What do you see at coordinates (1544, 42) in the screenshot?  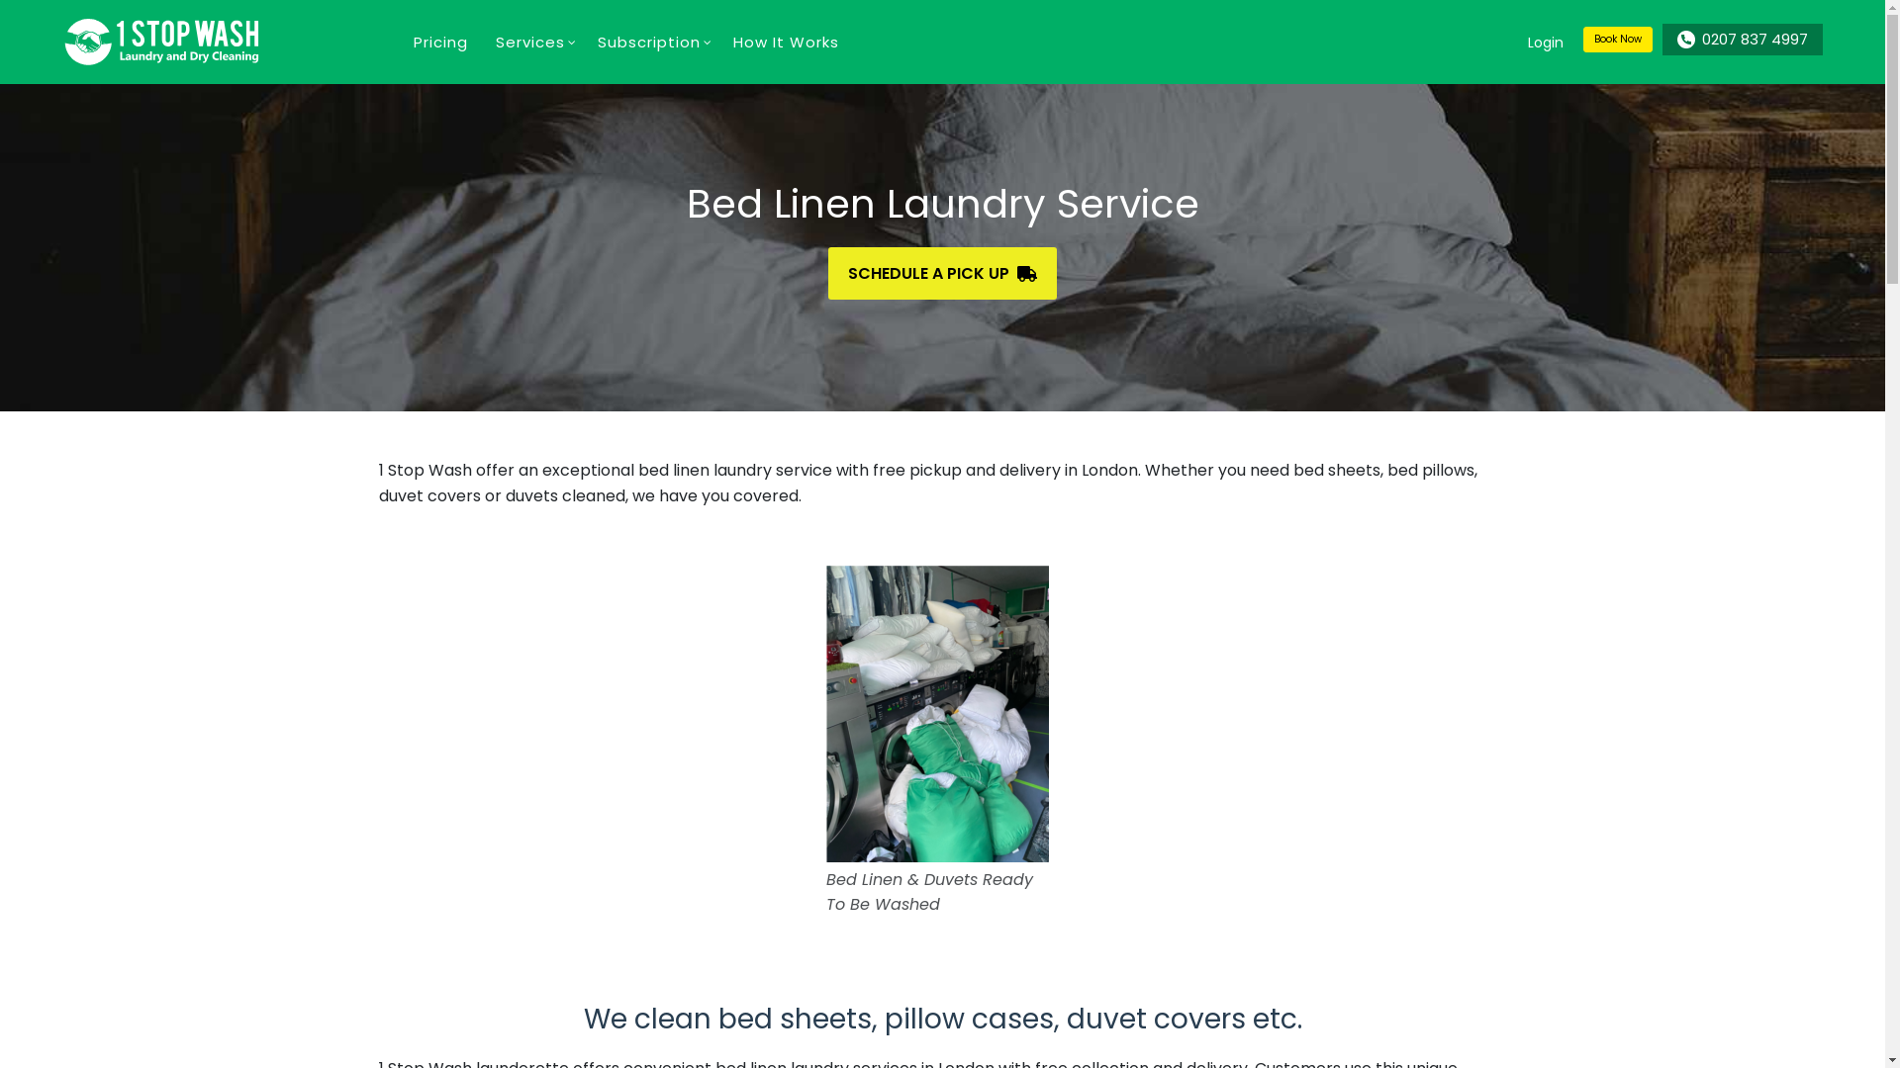 I see `'Login'` at bounding box center [1544, 42].